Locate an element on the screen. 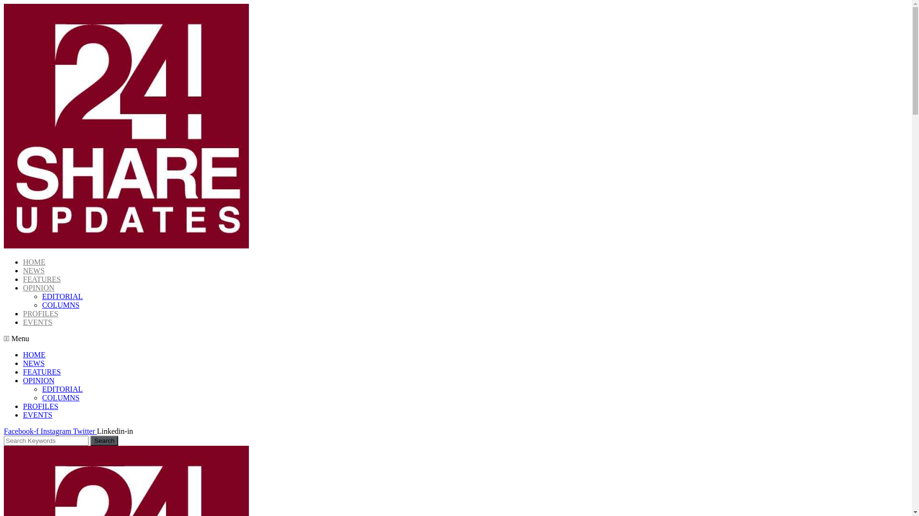 This screenshot has height=516, width=919. 'Facebook-f' is located at coordinates (22, 431).